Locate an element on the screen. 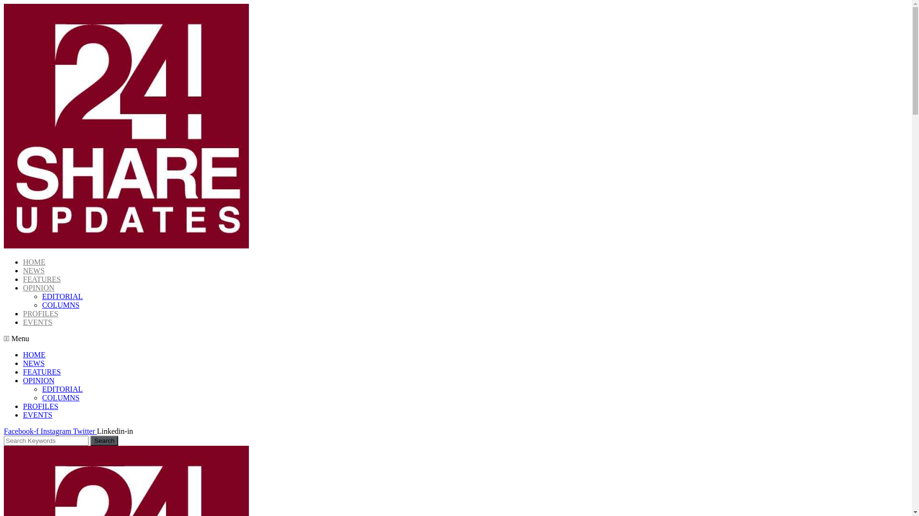 This screenshot has height=516, width=919. 'Facebook-f' is located at coordinates (22, 431).